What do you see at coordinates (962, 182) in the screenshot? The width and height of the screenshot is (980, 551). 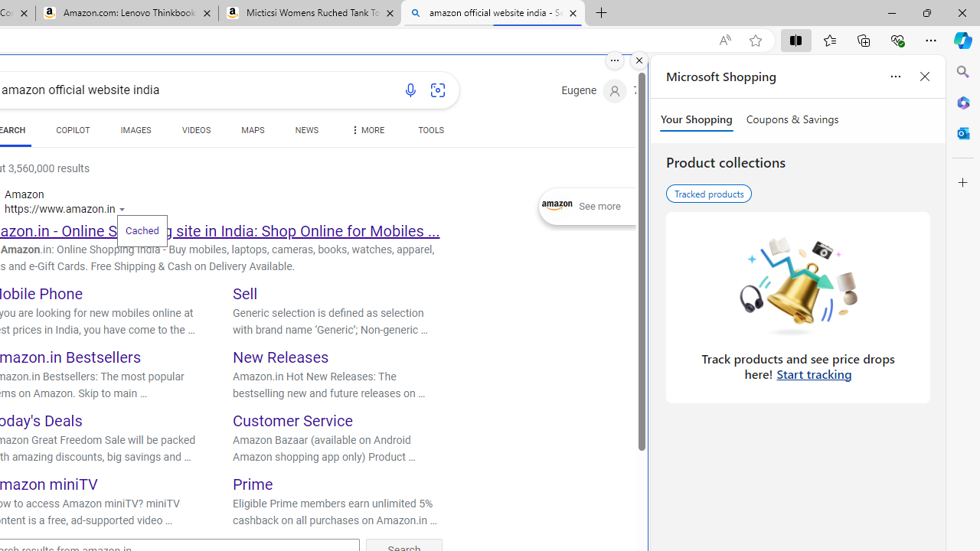 I see `'Customize'` at bounding box center [962, 182].